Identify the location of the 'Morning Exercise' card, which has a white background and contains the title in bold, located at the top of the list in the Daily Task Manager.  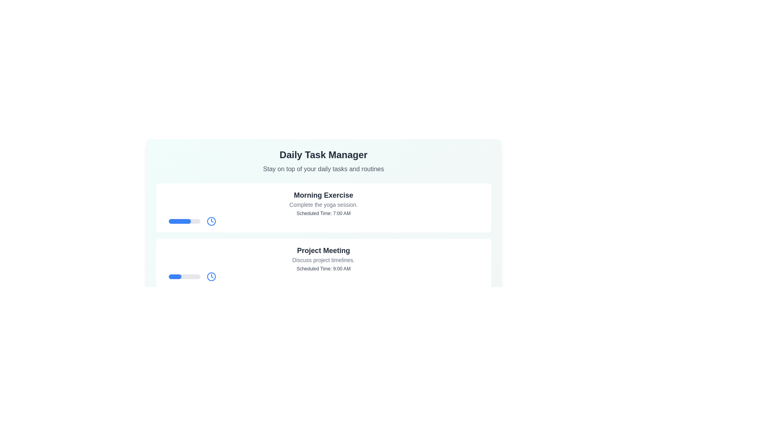
(323, 207).